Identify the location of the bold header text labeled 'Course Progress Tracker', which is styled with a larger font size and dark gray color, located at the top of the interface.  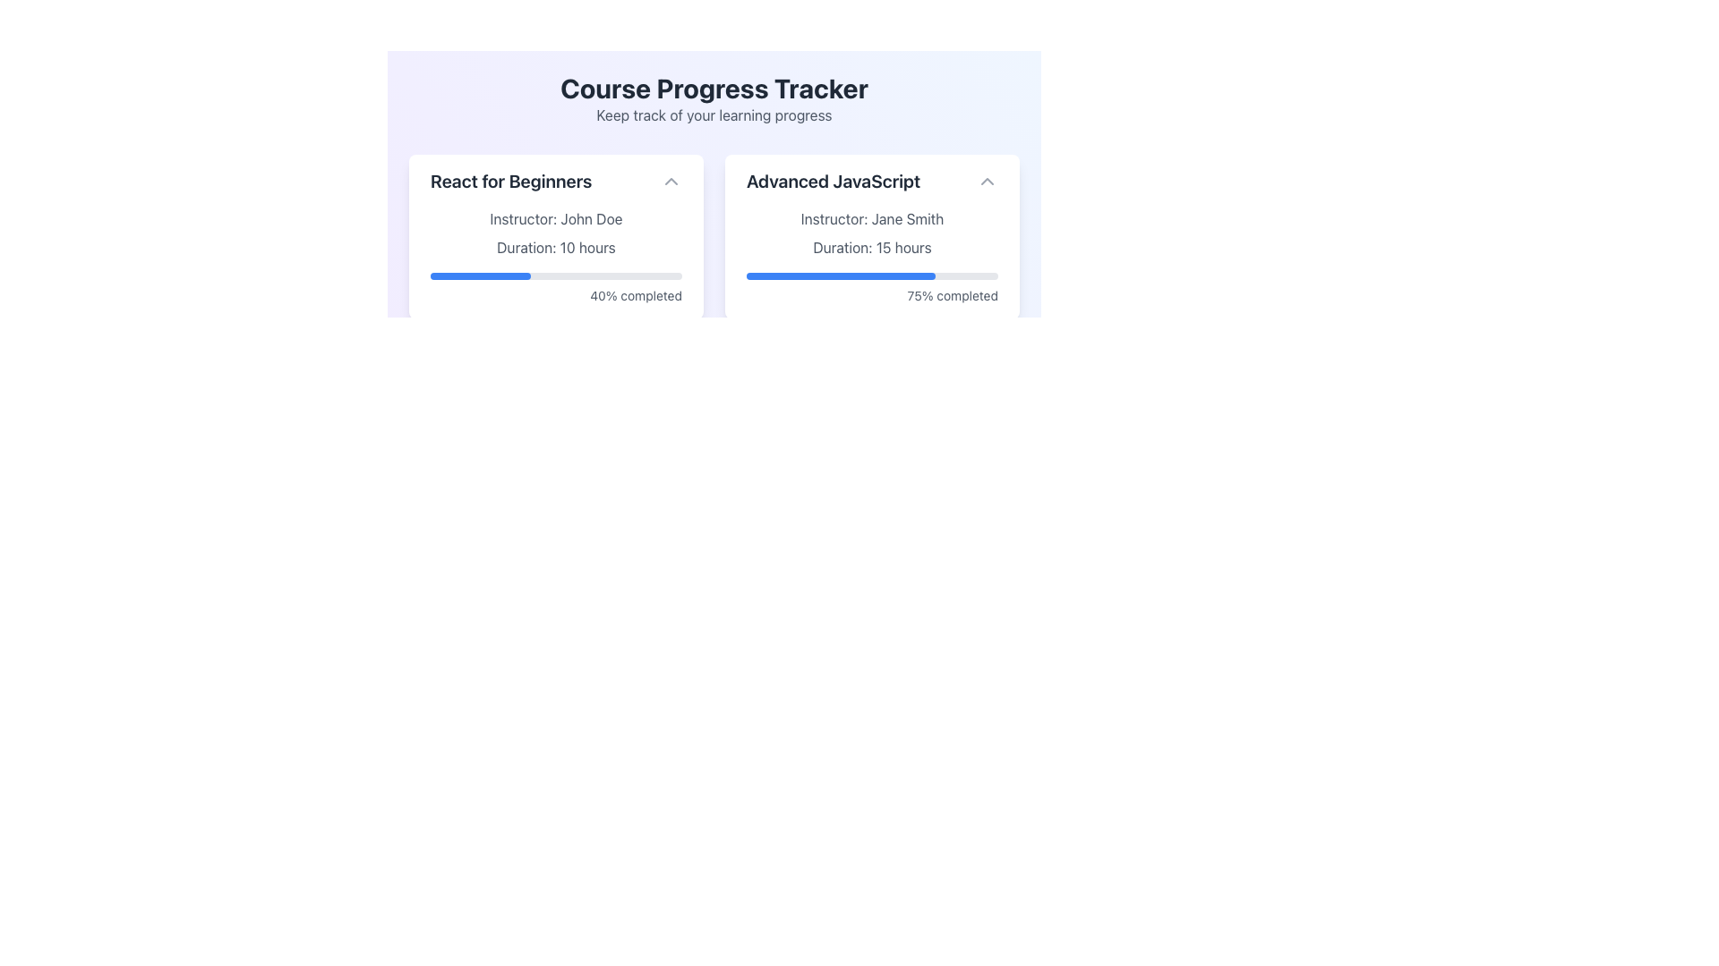
(713, 89).